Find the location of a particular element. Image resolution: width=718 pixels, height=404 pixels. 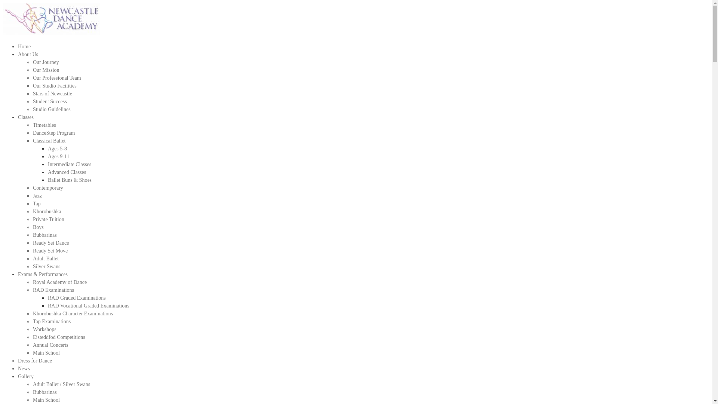

'NDA-Logo (2)' is located at coordinates (3, 18).